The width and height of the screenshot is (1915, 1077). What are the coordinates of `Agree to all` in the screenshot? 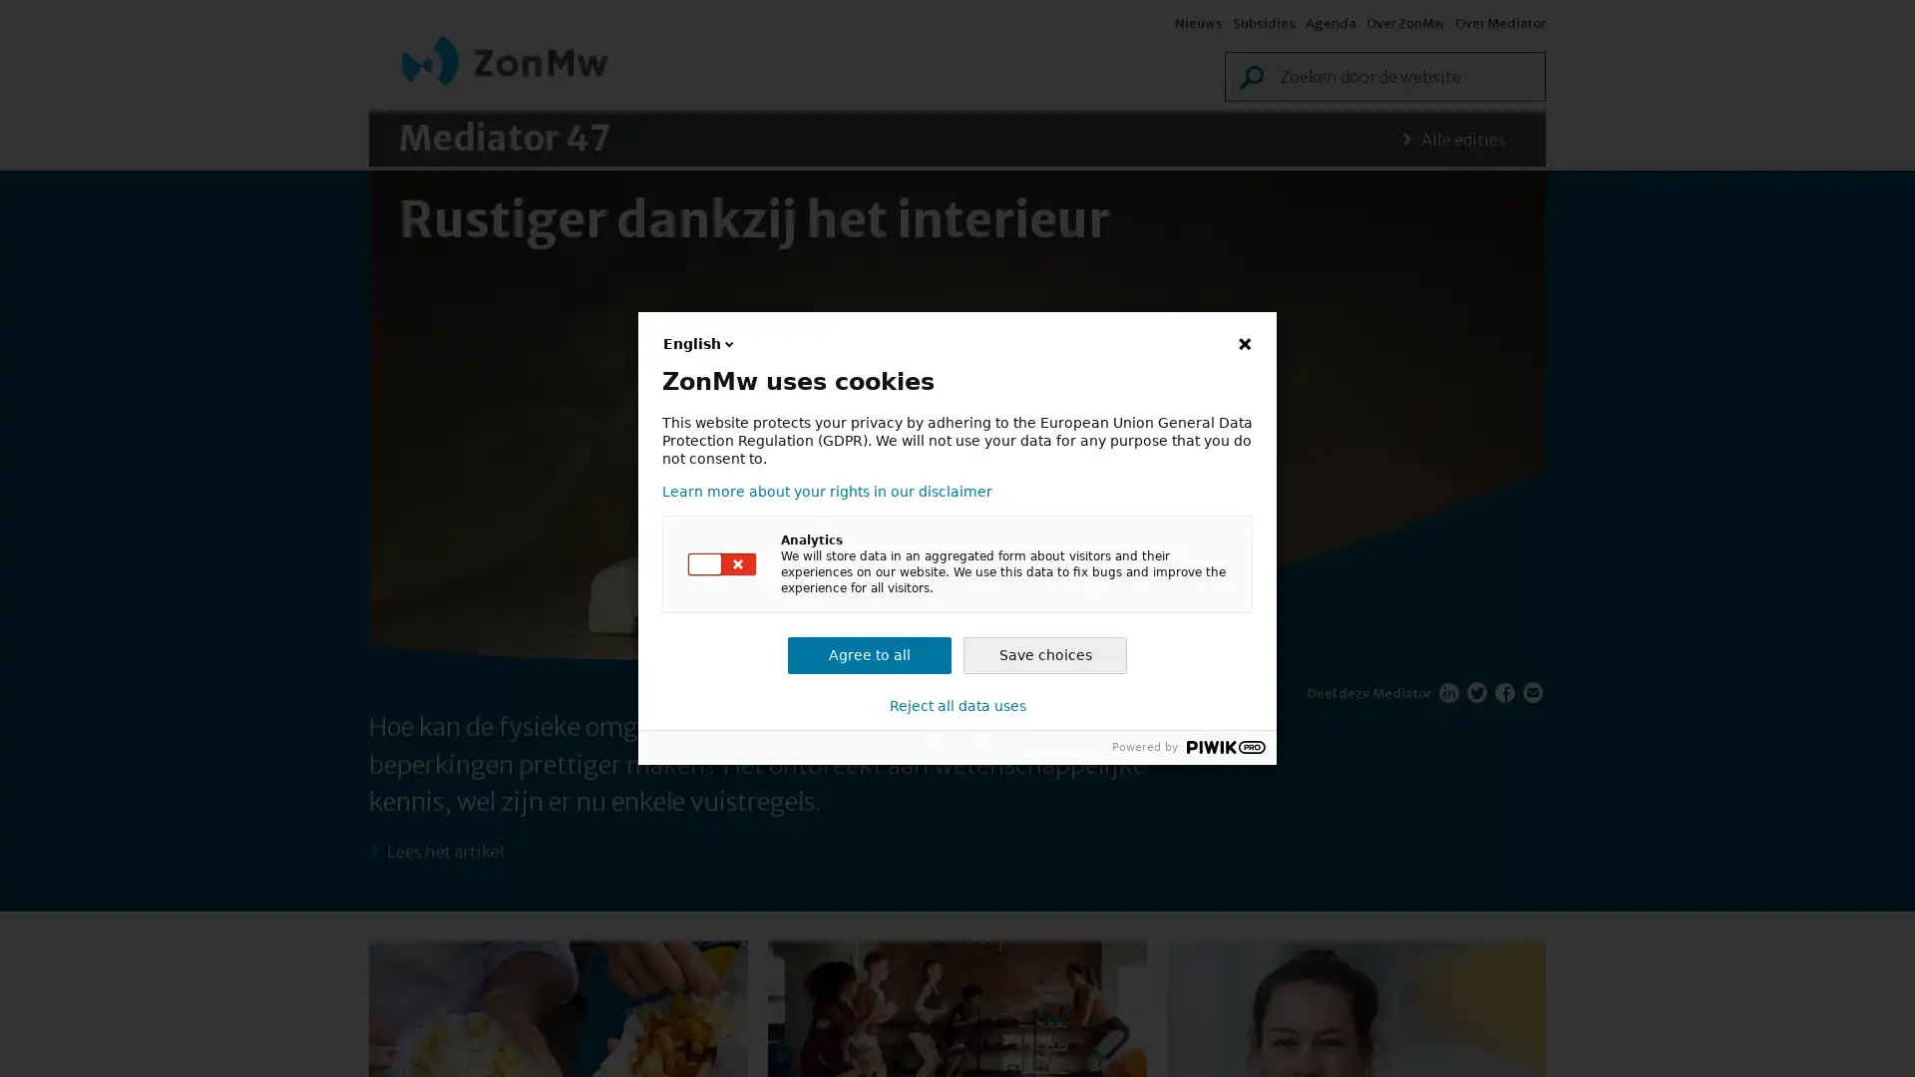 It's located at (870, 655).